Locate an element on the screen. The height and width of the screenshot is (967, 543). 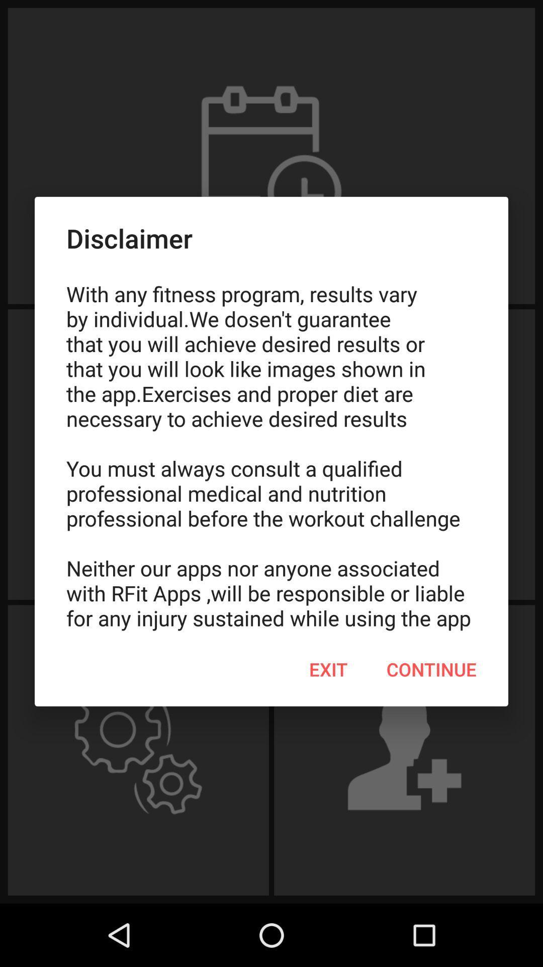
item below with any fitness icon is located at coordinates (328, 669).